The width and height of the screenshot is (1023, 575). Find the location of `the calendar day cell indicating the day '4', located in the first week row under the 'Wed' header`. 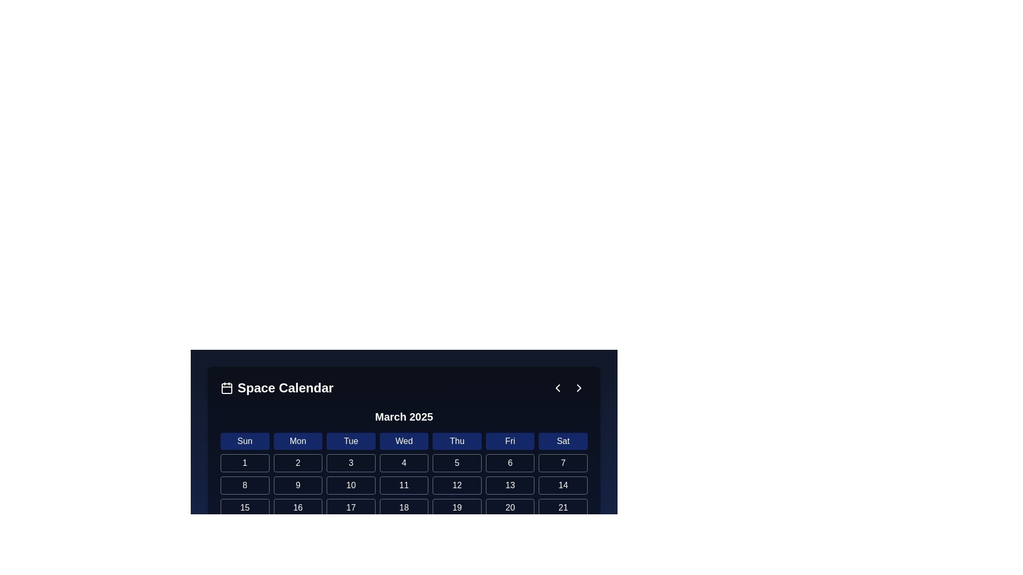

the calendar day cell indicating the day '4', located in the first week row under the 'Wed' header is located at coordinates (403, 463).